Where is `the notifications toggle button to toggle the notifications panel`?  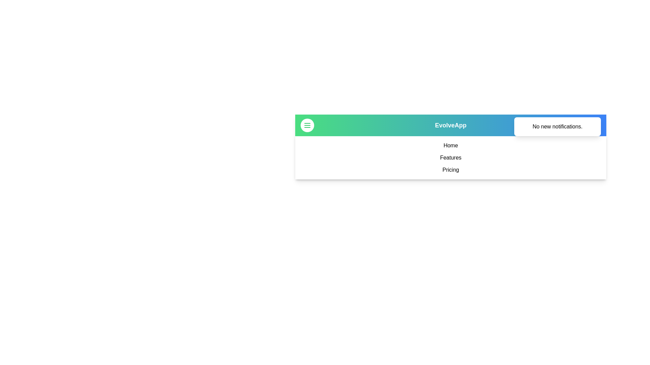 the notifications toggle button to toggle the notifications panel is located at coordinates (594, 125).